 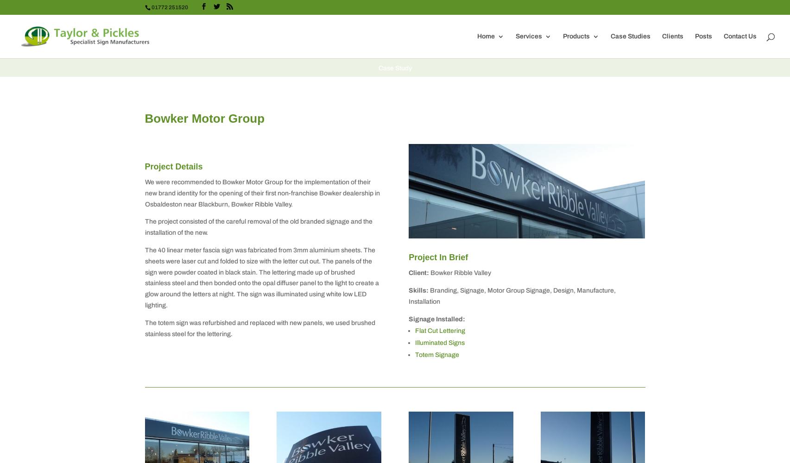 What do you see at coordinates (509, 78) in the screenshot?
I see `'About Us'` at bounding box center [509, 78].